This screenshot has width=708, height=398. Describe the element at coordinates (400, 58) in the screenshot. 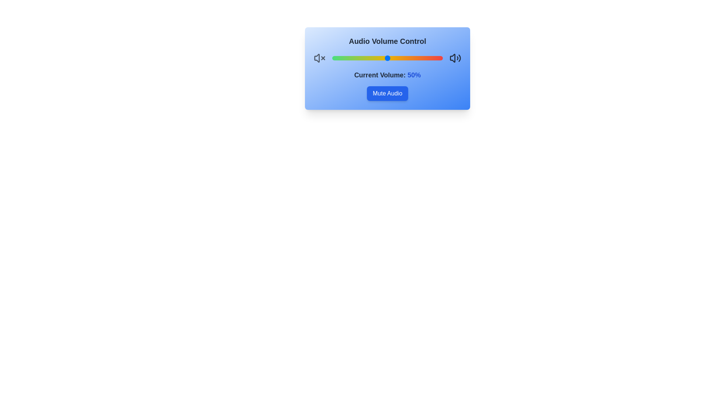

I see `the volume to 62%` at that location.